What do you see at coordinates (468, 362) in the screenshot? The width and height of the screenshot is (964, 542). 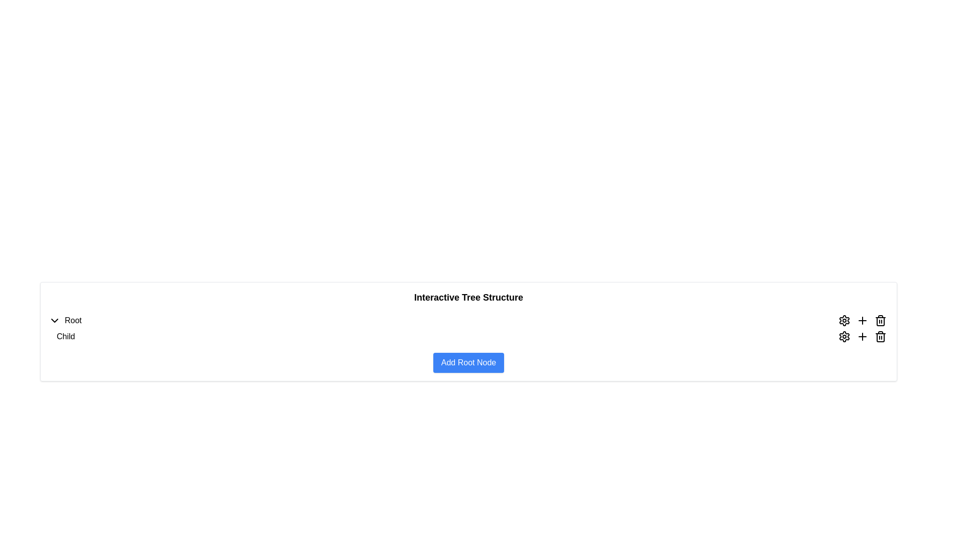 I see `the 'Add Root Node' button, which is a rectangular button with a blue background and white text, located below the 'Interactive Tree Structure' section` at bounding box center [468, 362].